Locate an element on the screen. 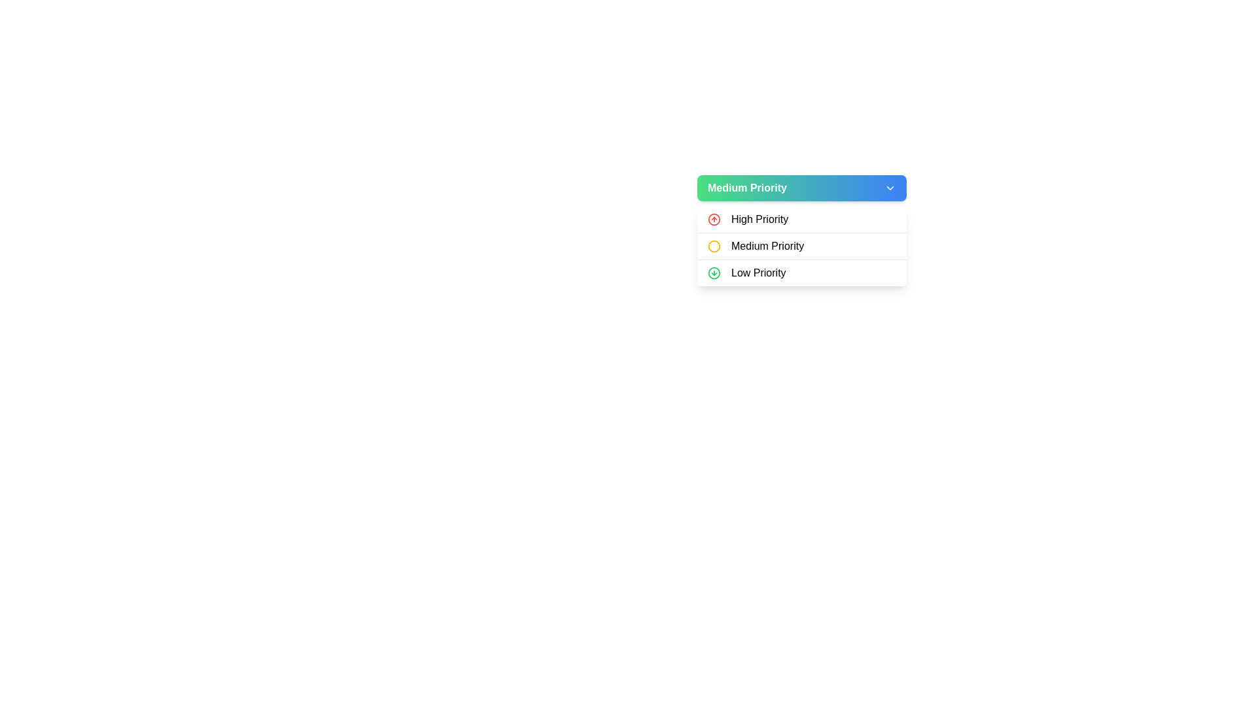  the red circular icon with an upward arrow located at the beginning of the 'High Priority' row is located at coordinates (713, 218).